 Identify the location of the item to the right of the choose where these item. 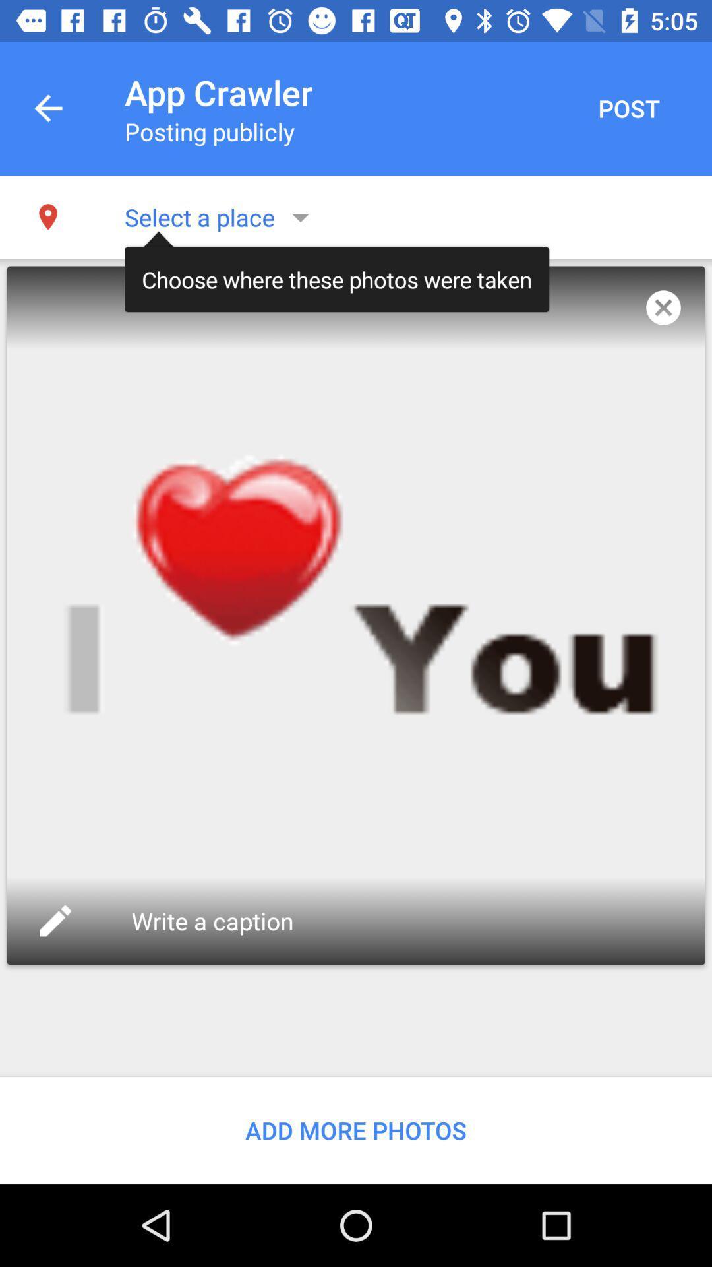
(663, 307).